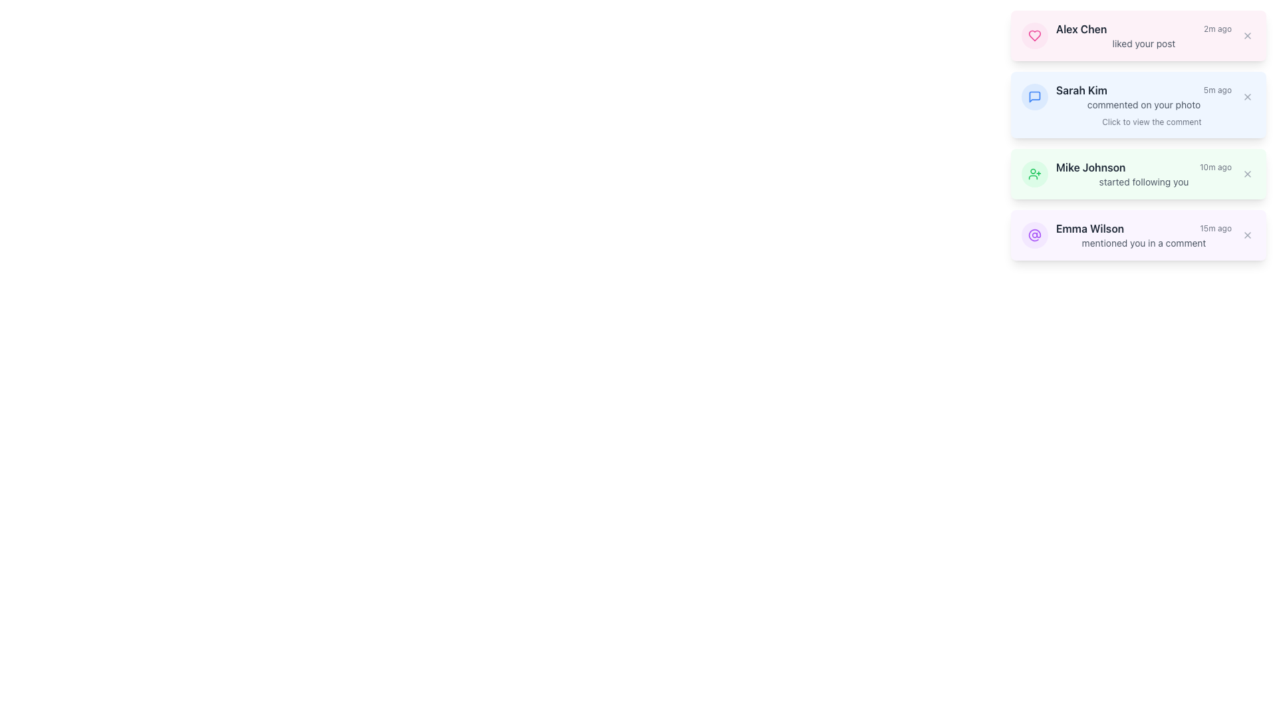  Describe the element at coordinates (1090, 227) in the screenshot. I see `the text label displaying 'Emma Wilson' in bold, dark gray font, located in the bottom-most notification item of a vertical list, to the left of the timestamp '15m ago'` at that location.